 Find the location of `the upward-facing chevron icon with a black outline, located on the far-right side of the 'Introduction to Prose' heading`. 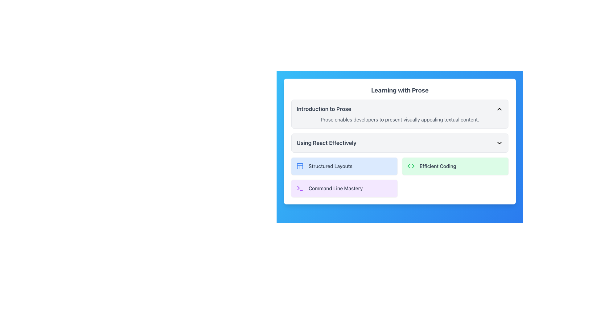

the upward-facing chevron icon with a black outline, located on the far-right side of the 'Introduction to Prose' heading is located at coordinates (499, 109).